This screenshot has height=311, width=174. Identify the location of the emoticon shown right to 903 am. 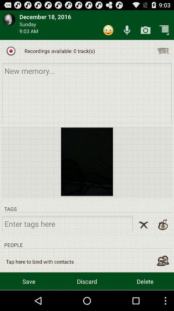
(108, 30).